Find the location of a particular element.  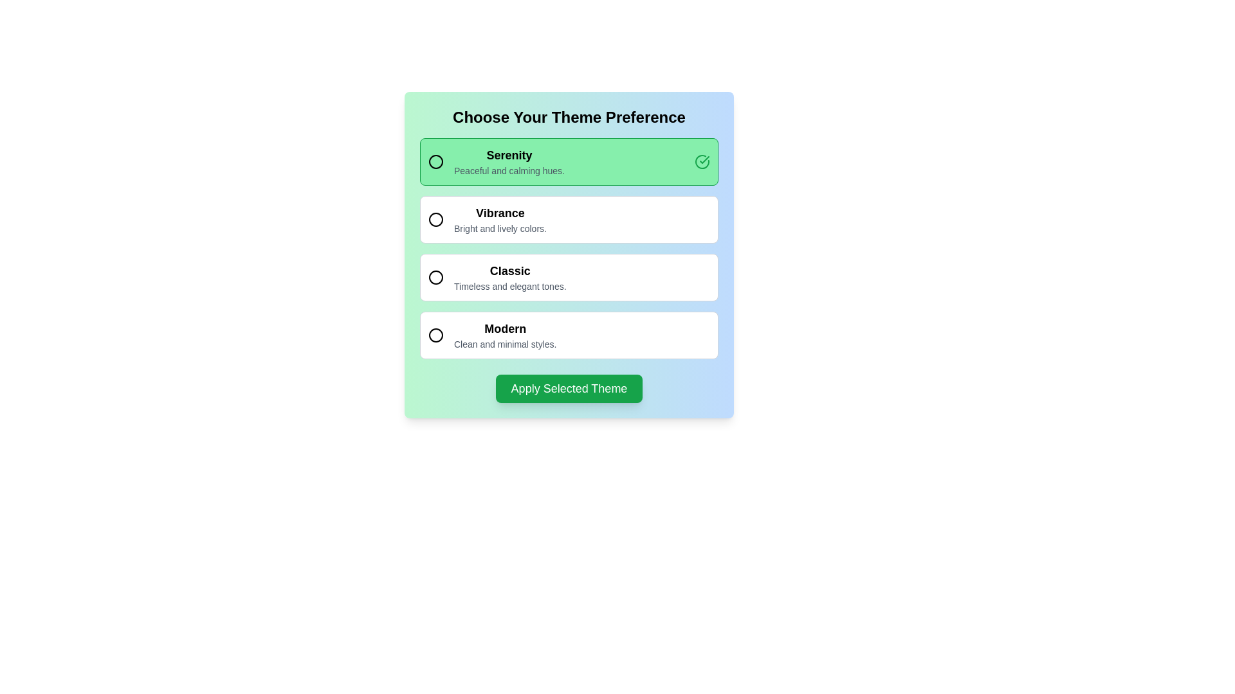

the 'Serenity' text block, which is the first entry in the theme selection list under 'Choose Your Theme Preference', featuring a bold title and a description on a green background is located at coordinates (509, 161).